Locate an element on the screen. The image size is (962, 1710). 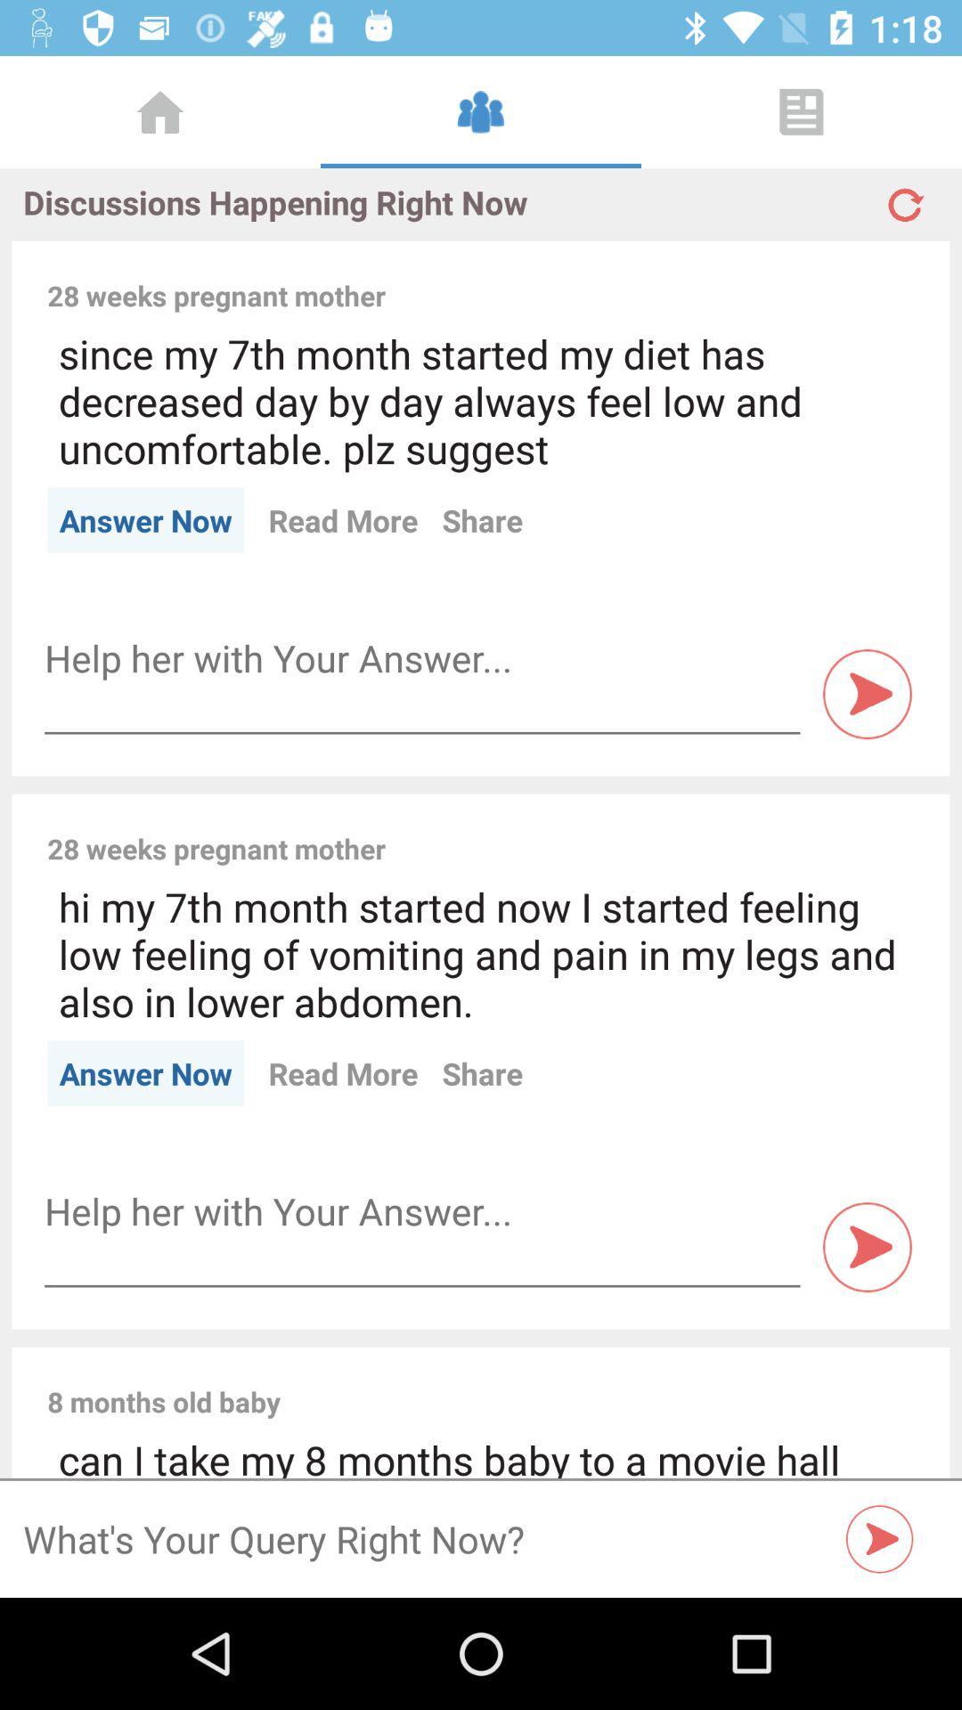
refresh the page is located at coordinates (903, 197).